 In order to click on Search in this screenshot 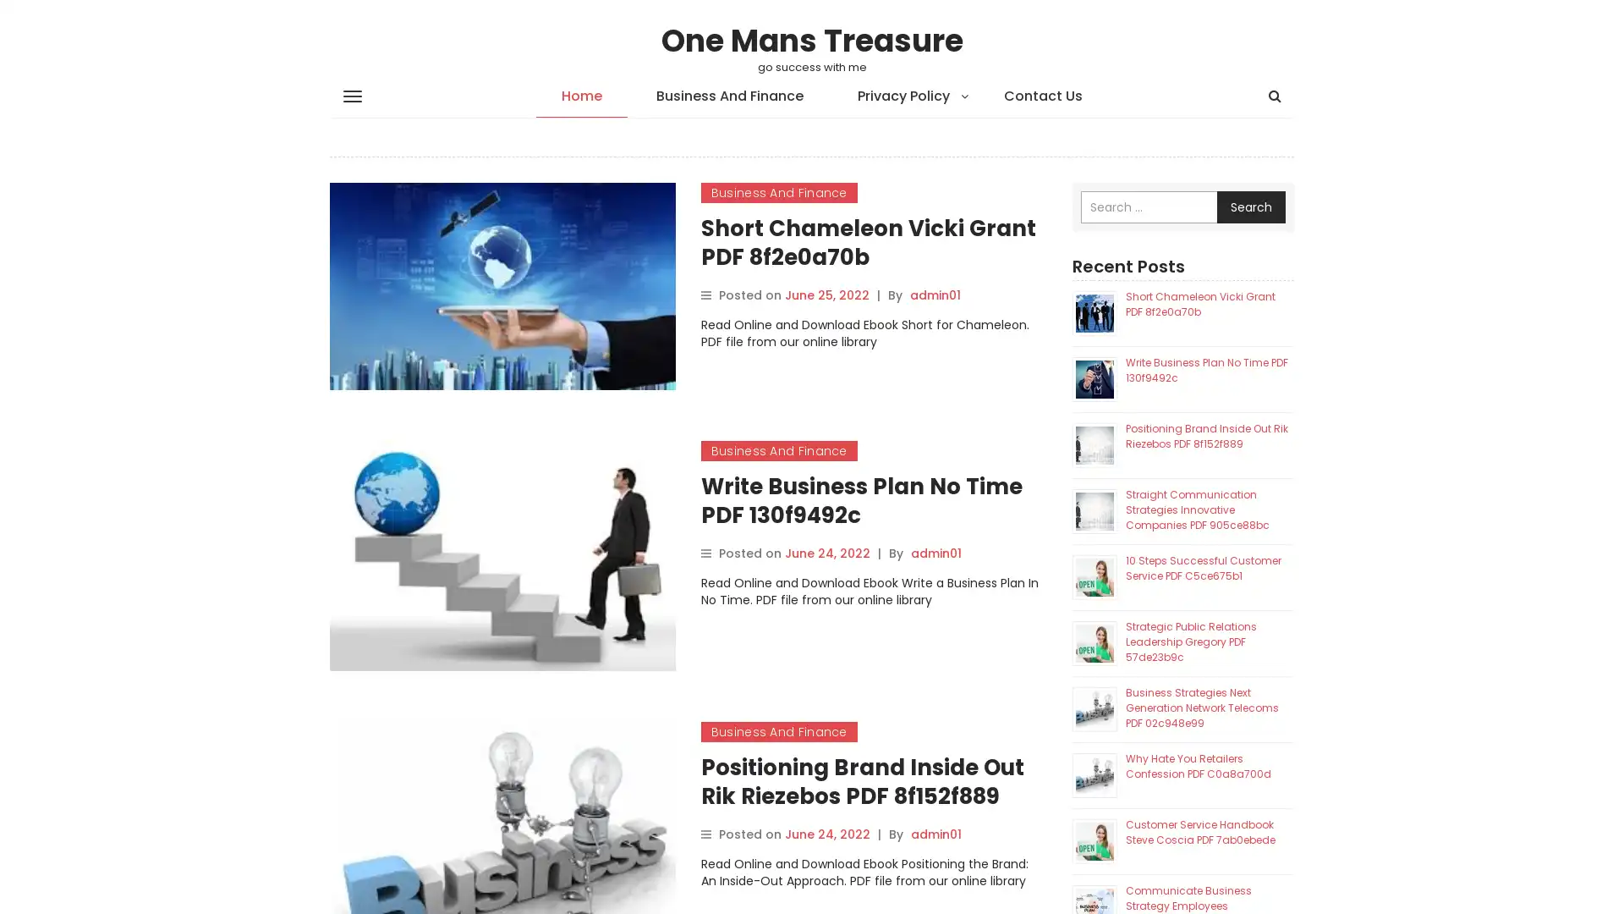, I will do `click(1251, 206)`.